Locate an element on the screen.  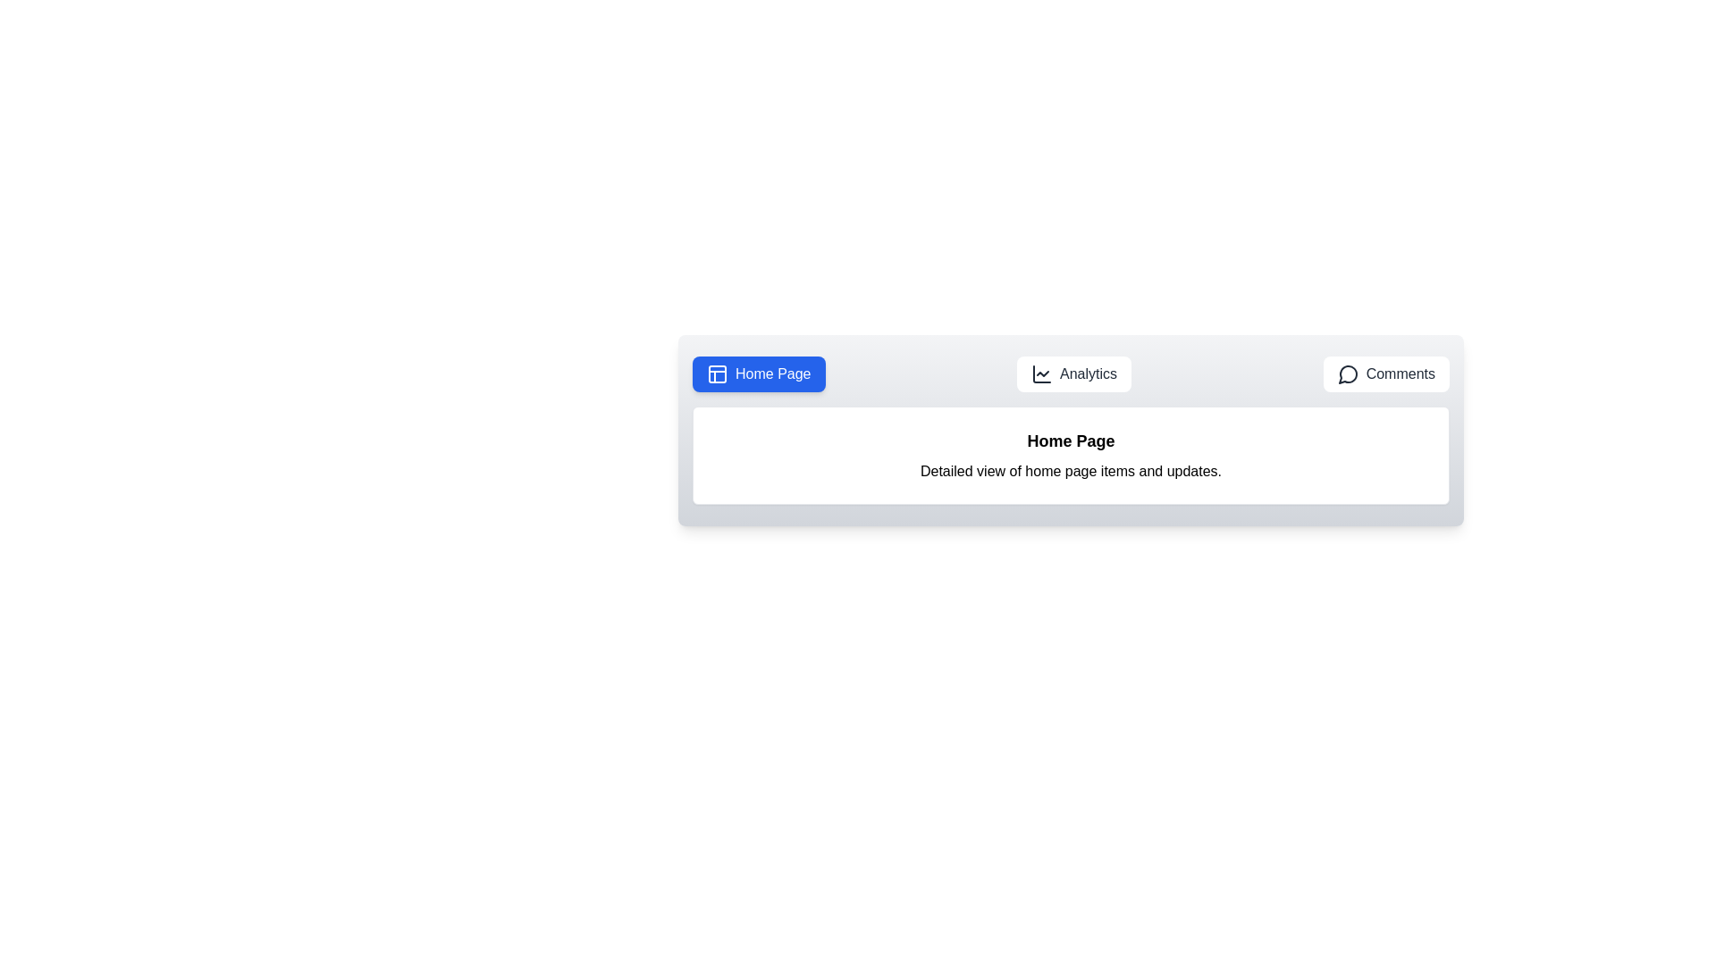
the Comments tab by clicking on the corresponding tab is located at coordinates (1385, 373).